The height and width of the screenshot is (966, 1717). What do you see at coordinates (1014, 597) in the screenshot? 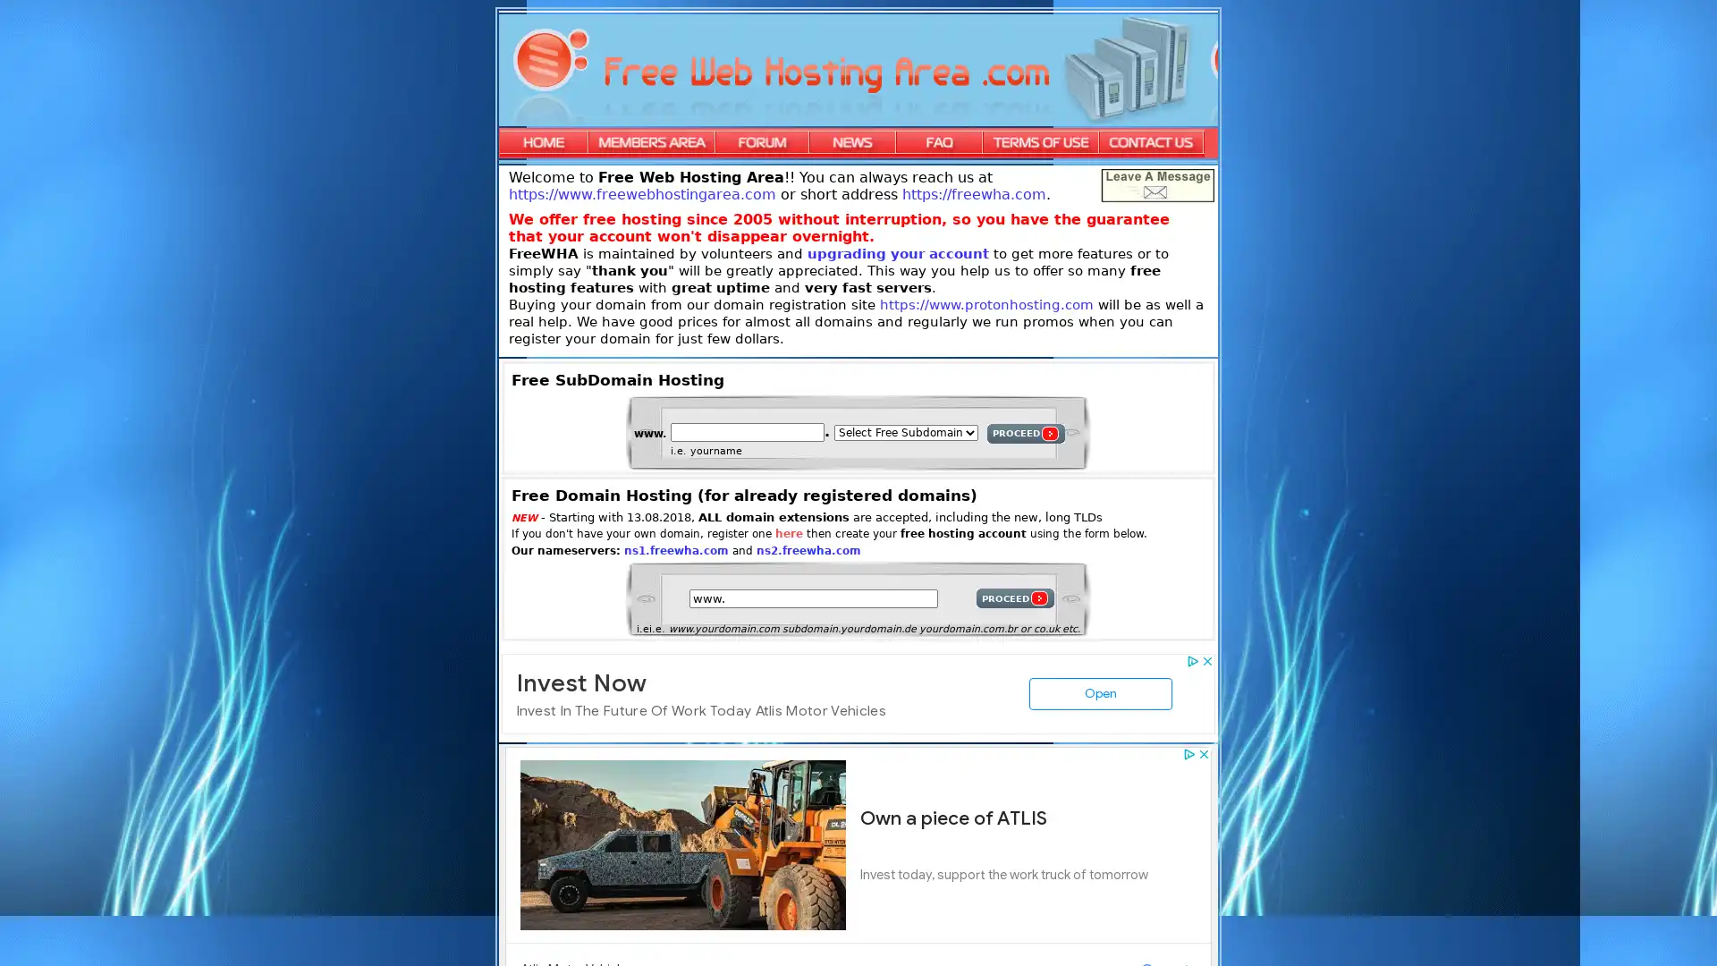
I see `PROCEED` at bounding box center [1014, 597].